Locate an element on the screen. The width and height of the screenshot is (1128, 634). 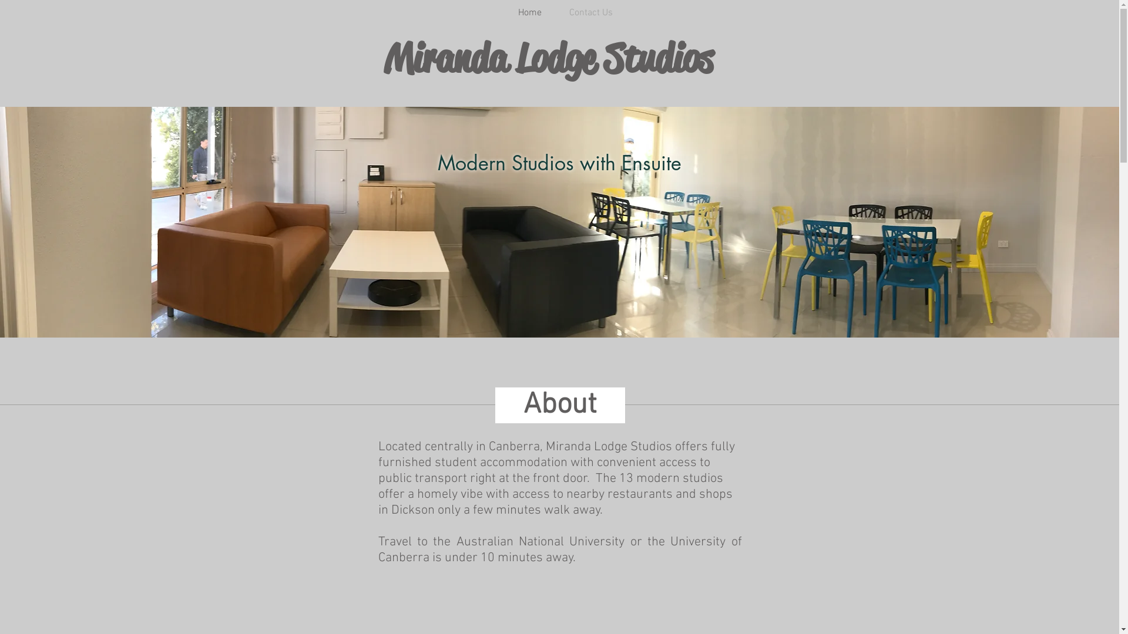
'Contact Us' is located at coordinates (560, 13).